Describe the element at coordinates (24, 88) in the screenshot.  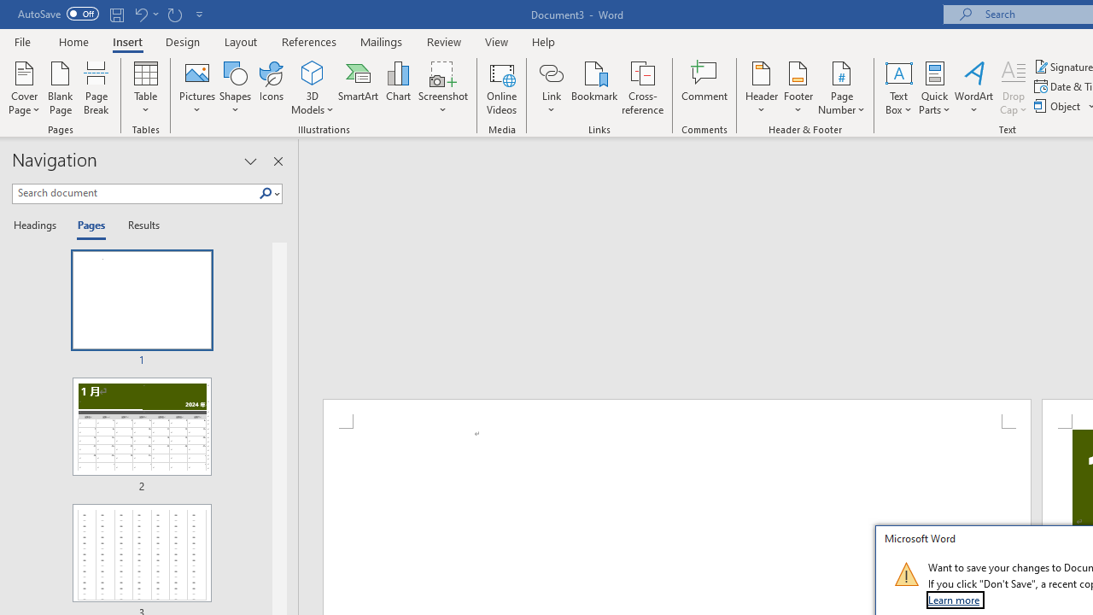
I see `'Cover Page'` at that location.